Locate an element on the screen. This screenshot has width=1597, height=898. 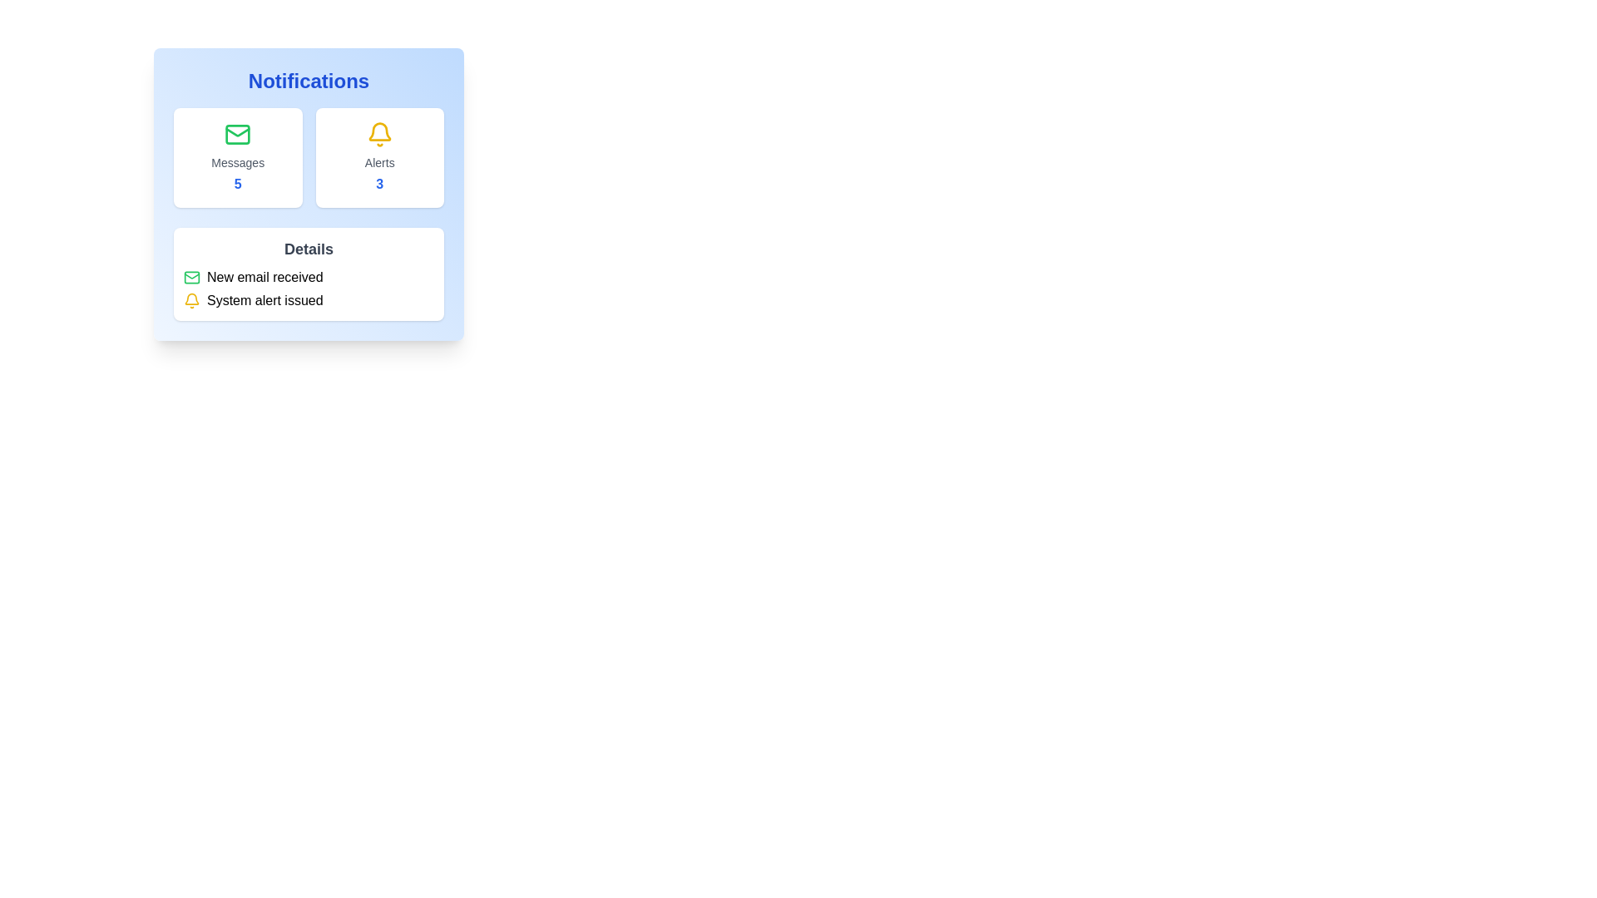
the messages icon located at the top left corner of the notifications area is located at coordinates (237, 134).